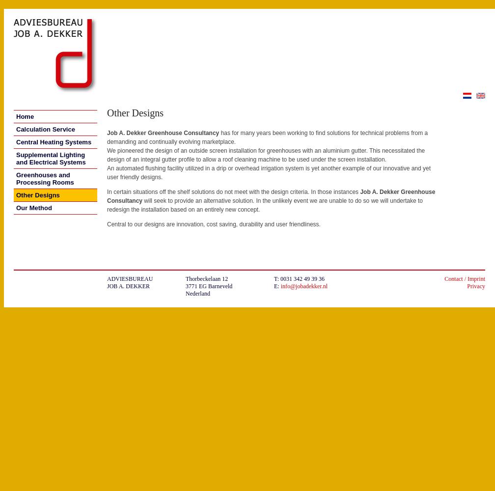 Image resolution: width=495 pixels, height=491 pixels. I want to click on 'Supplemental Lighting and Electrical Systems', so click(51, 158).